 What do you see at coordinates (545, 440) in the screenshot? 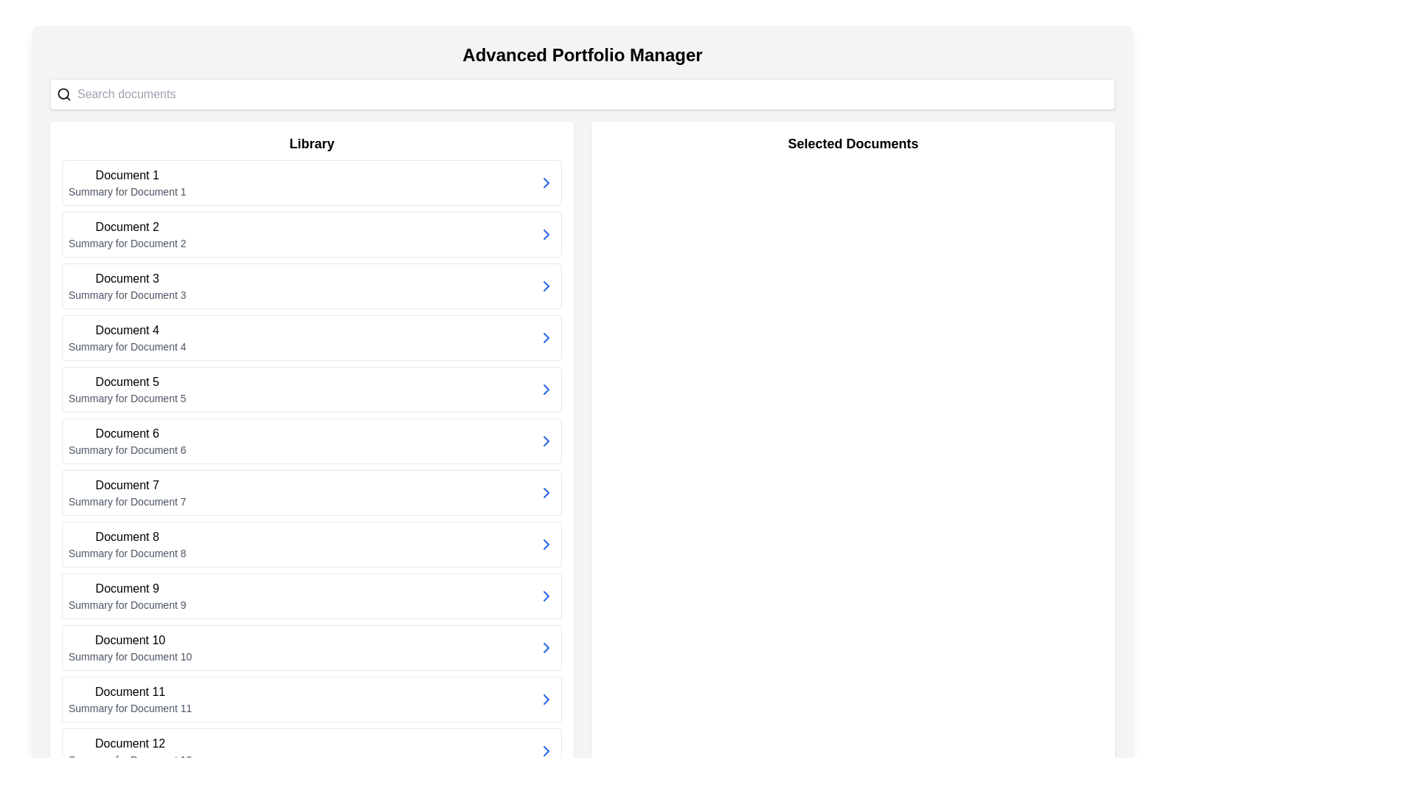
I see `the navigation button/icon for 'Document 6' located at the rightmost side of the row in the Library section` at bounding box center [545, 440].